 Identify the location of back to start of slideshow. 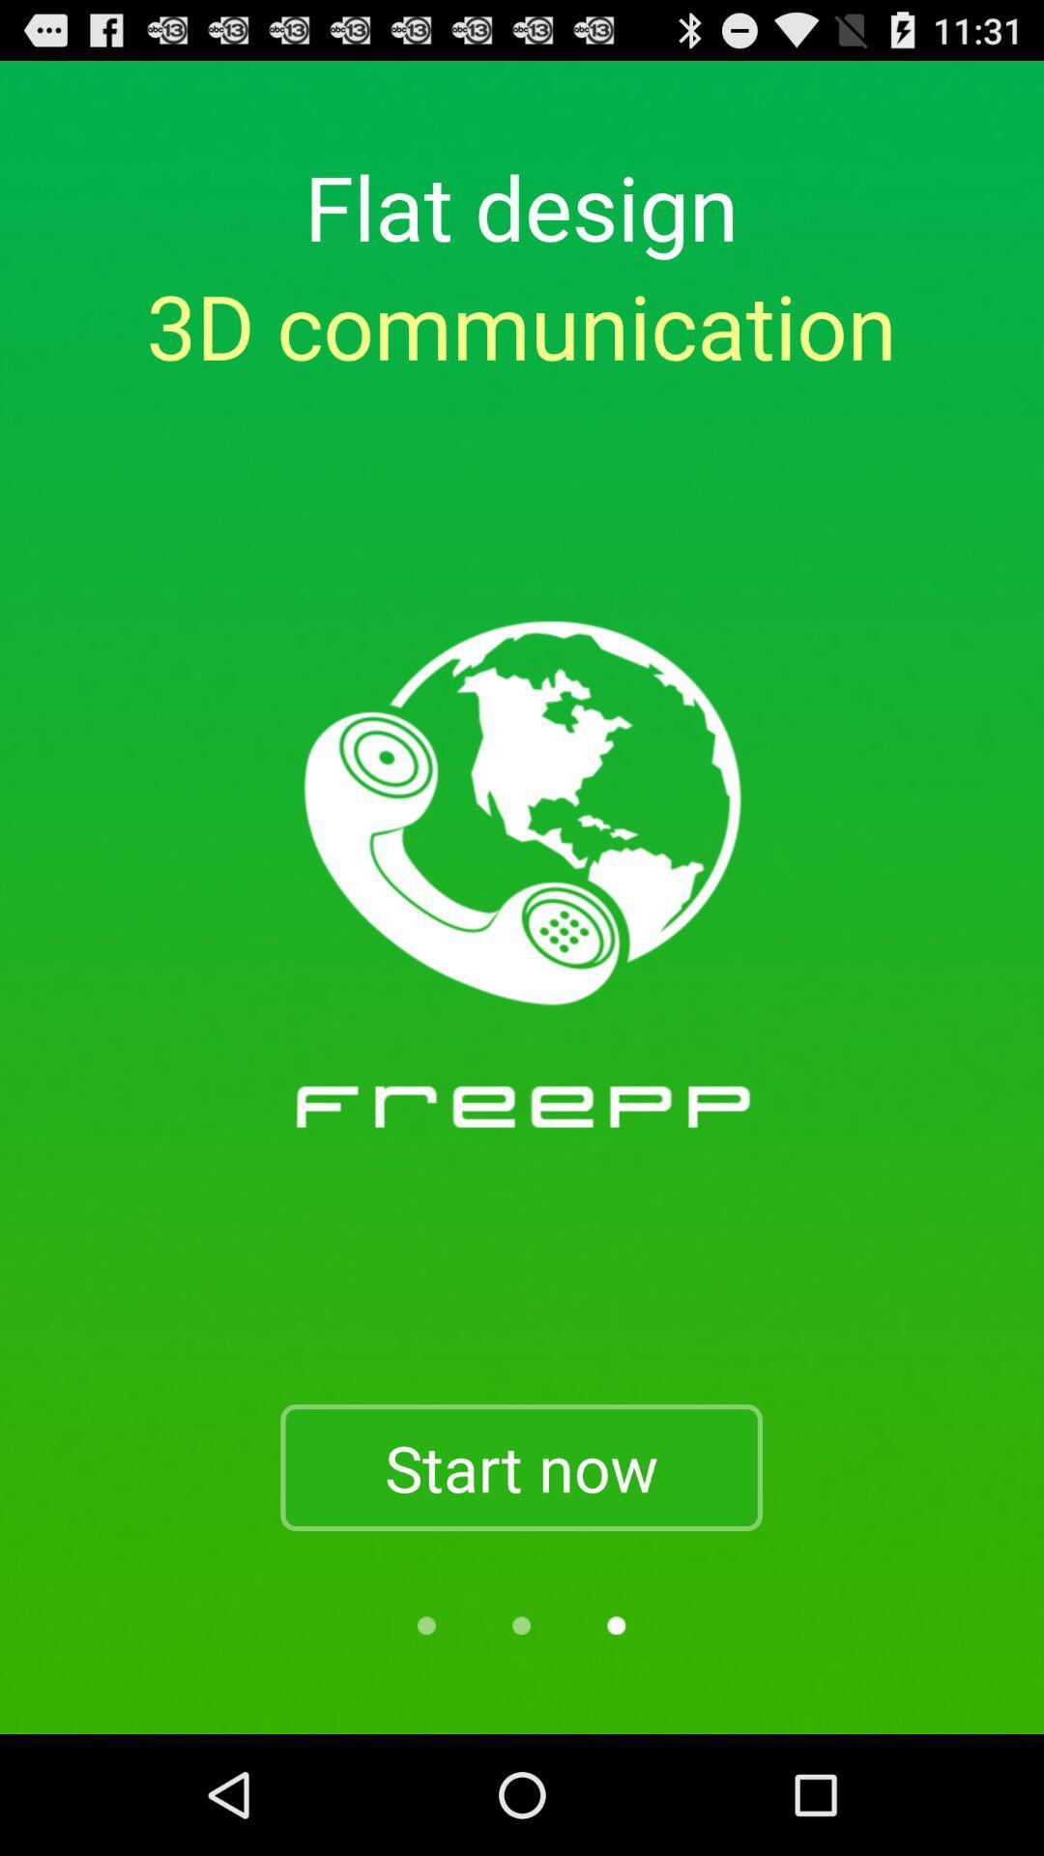
(425, 1624).